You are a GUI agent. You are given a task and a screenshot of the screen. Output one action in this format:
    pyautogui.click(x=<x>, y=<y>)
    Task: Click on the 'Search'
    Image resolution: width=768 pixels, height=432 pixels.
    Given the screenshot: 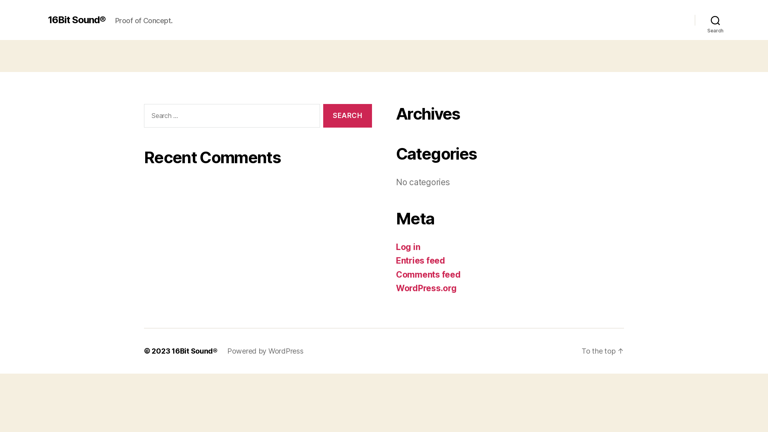 What is the action you would take?
    pyautogui.click(x=694, y=20)
    